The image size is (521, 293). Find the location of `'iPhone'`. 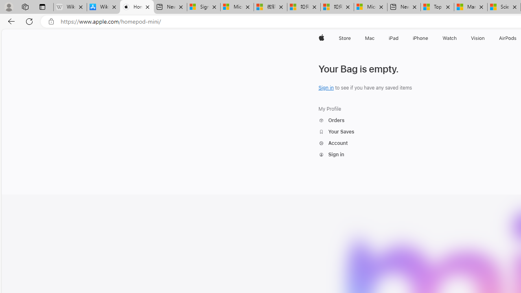

'iPhone' is located at coordinates (420, 38).